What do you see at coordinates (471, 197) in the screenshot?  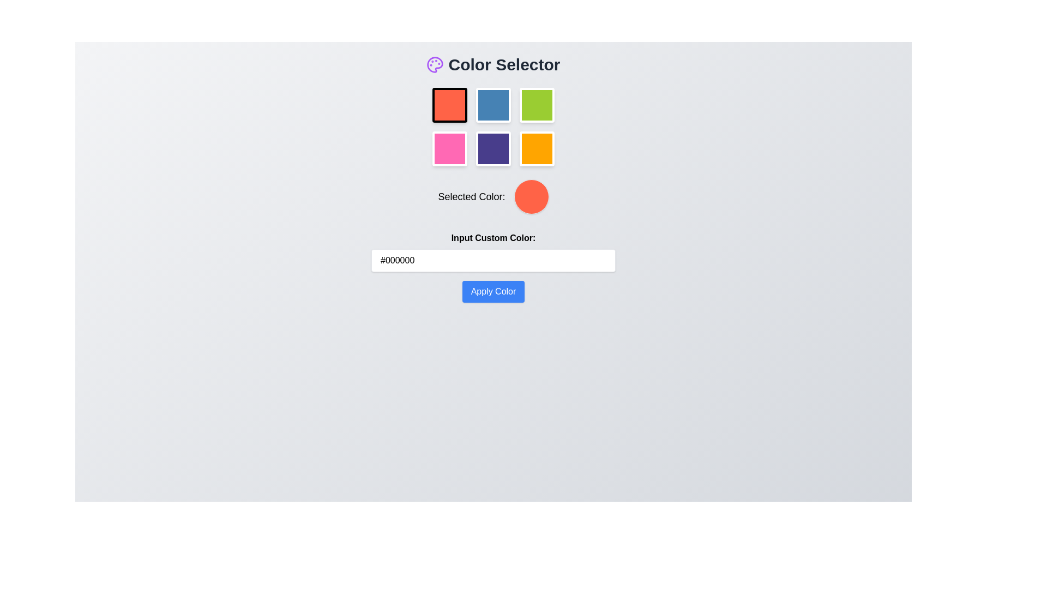 I see `the text label reading 'Selected Color:' which appears in a medium-sized, bold font, located above the input section of a color selection interface` at bounding box center [471, 197].